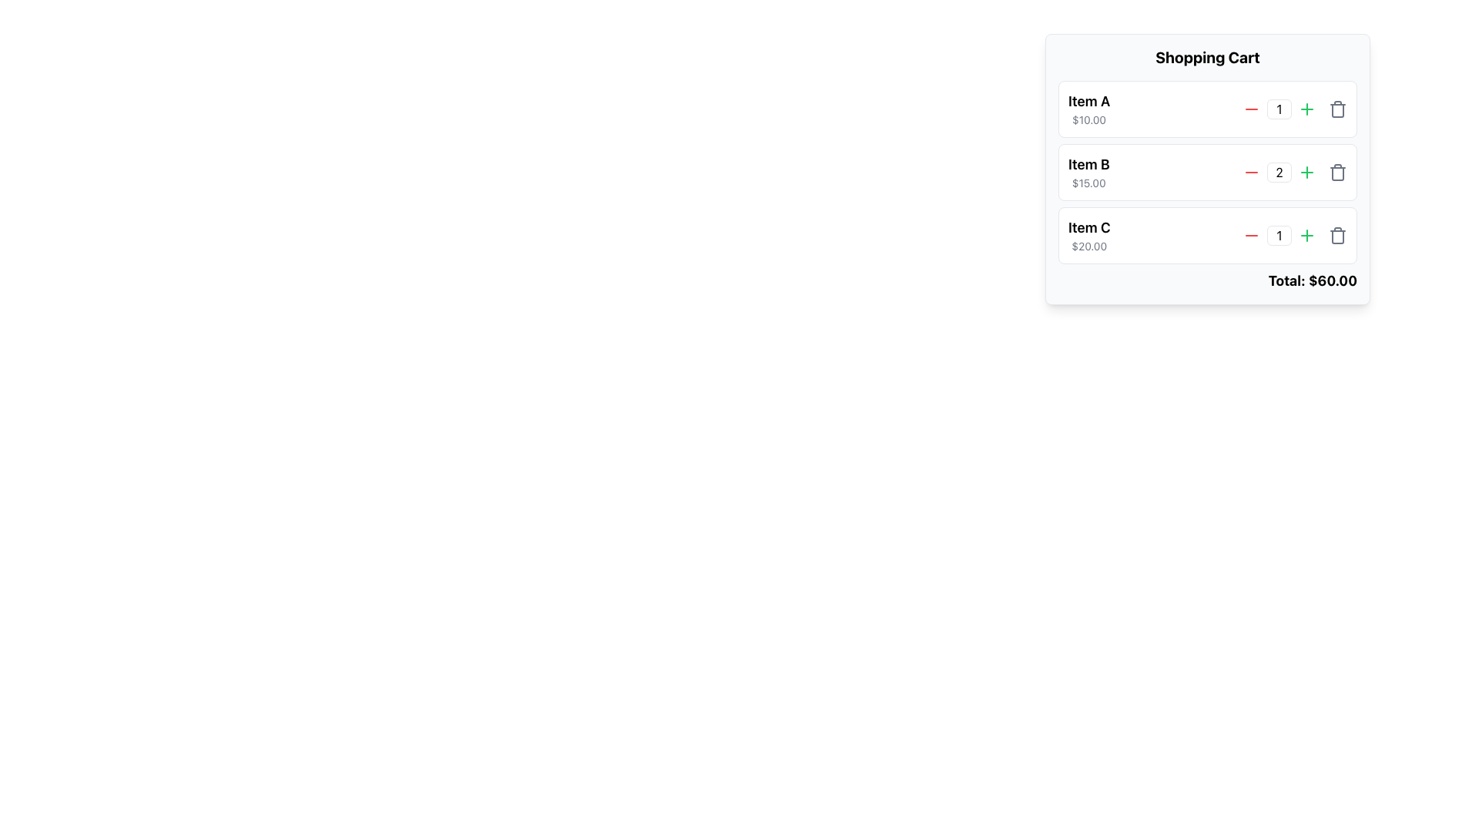 This screenshot has height=832, width=1479. Describe the element at coordinates (1088, 164) in the screenshot. I see `the Text Label for 'Item B' in the shopping cart to help identify the item being viewed or interacted with` at that location.